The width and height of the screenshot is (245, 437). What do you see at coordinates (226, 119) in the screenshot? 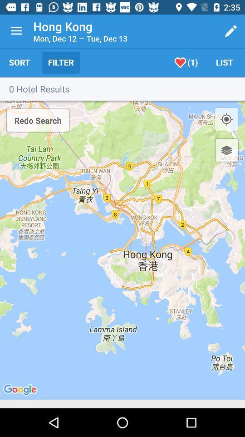
I see `the location_crosshair icon` at bounding box center [226, 119].